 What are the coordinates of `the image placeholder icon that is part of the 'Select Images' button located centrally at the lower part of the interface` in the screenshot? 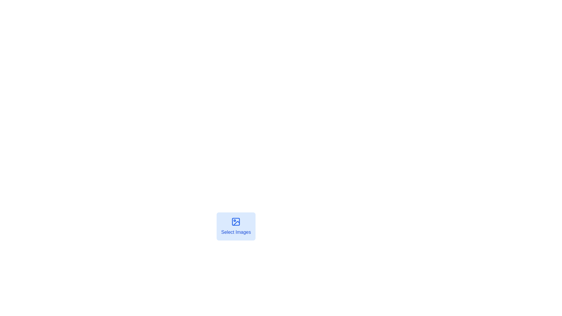 It's located at (236, 222).